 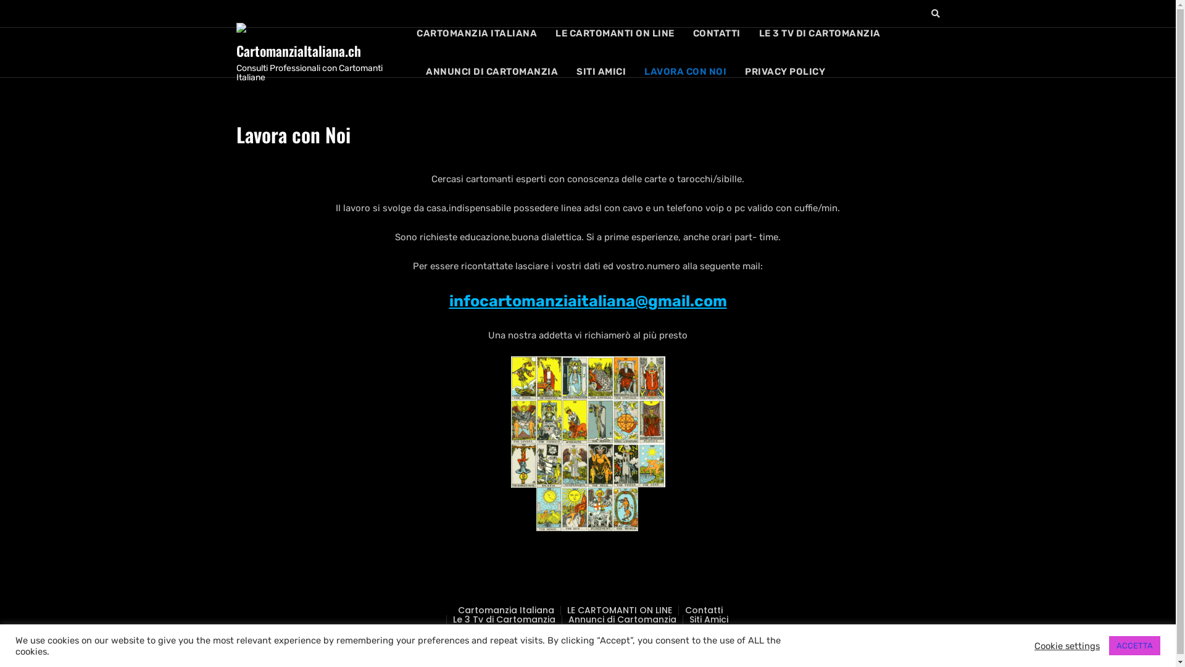 I want to click on 'LE 3 TV DI CARTOMANZIA', so click(x=819, y=32).